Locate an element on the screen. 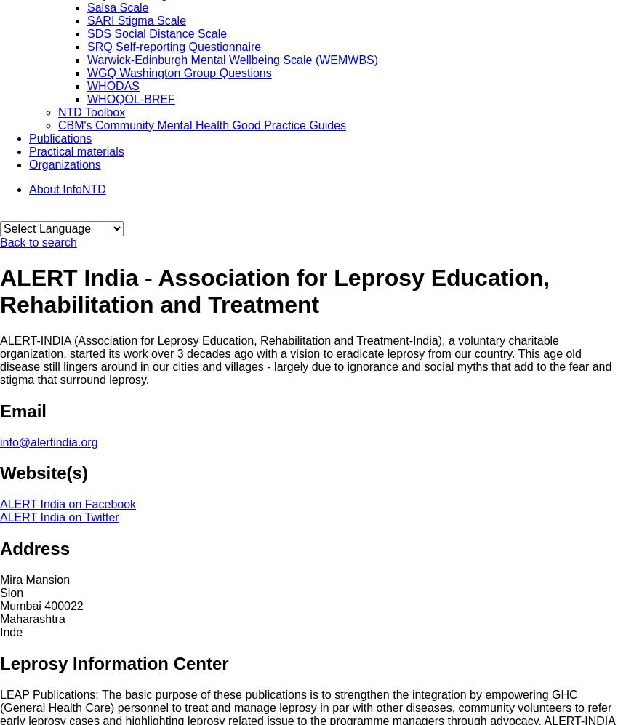 Image resolution: width=618 pixels, height=725 pixels. 'Mumbai' is located at coordinates (19, 606).